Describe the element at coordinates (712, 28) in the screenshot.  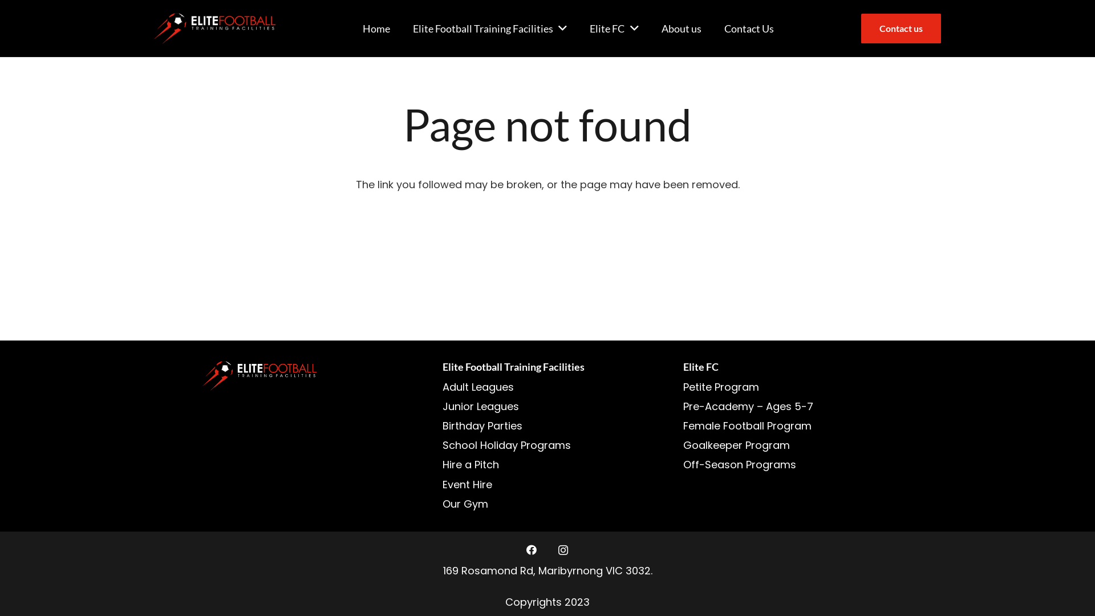
I see `'Contact Us'` at that location.